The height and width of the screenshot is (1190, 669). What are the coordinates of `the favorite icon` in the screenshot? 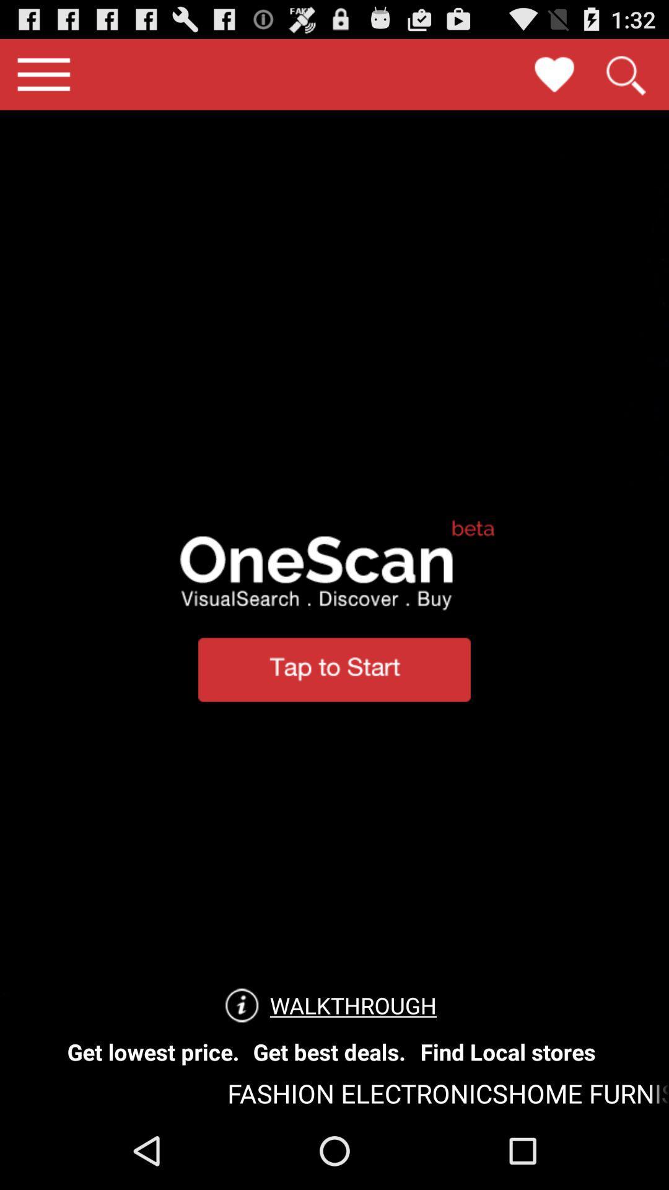 It's located at (554, 79).